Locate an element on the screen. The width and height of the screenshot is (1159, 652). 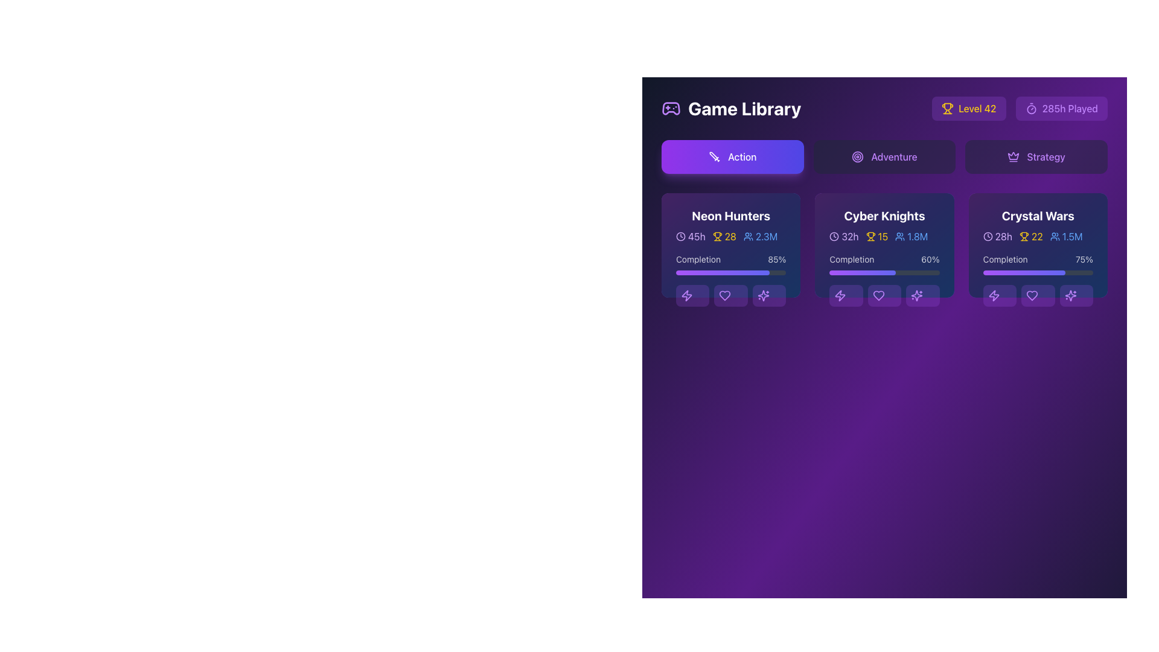
the circular purple icon within the timer graphic located in the upper-right section of the user interface, adjacent to the '285h Played' label is located at coordinates (1030, 109).